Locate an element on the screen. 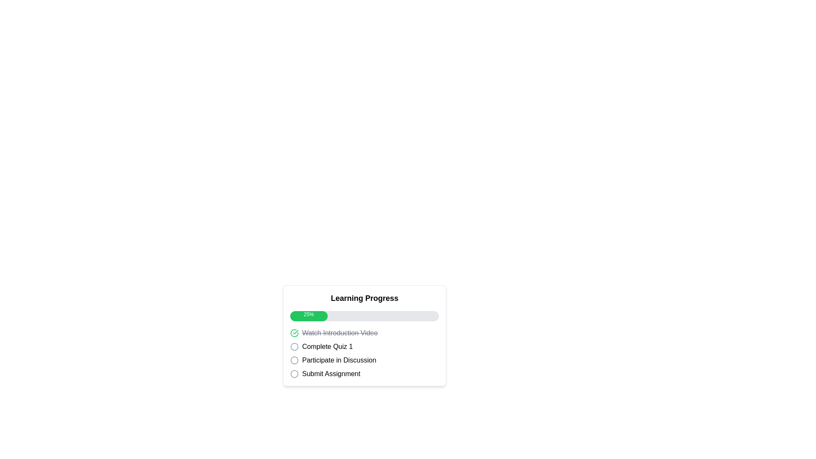 This screenshot has height=459, width=816. the unselected circular checkbox located in the 'Learning Progress' section next to the text 'Complete Quiz 1' is located at coordinates (294, 347).